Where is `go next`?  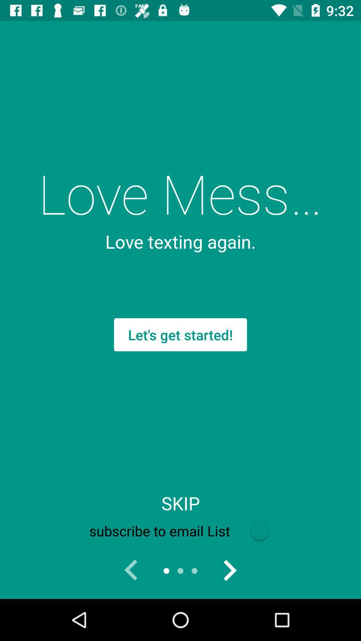
go next is located at coordinates (229, 570).